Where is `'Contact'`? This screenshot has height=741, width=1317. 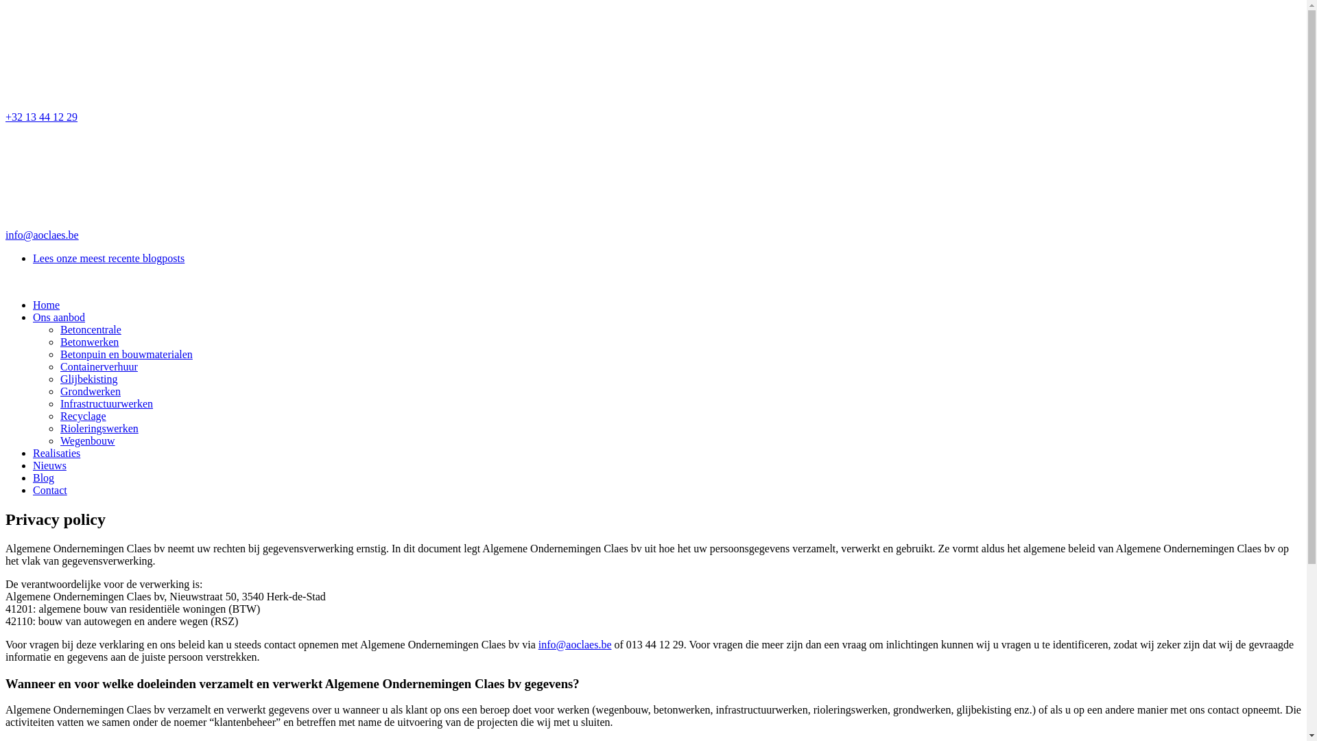 'Contact' is located at coordinates (49, 489).